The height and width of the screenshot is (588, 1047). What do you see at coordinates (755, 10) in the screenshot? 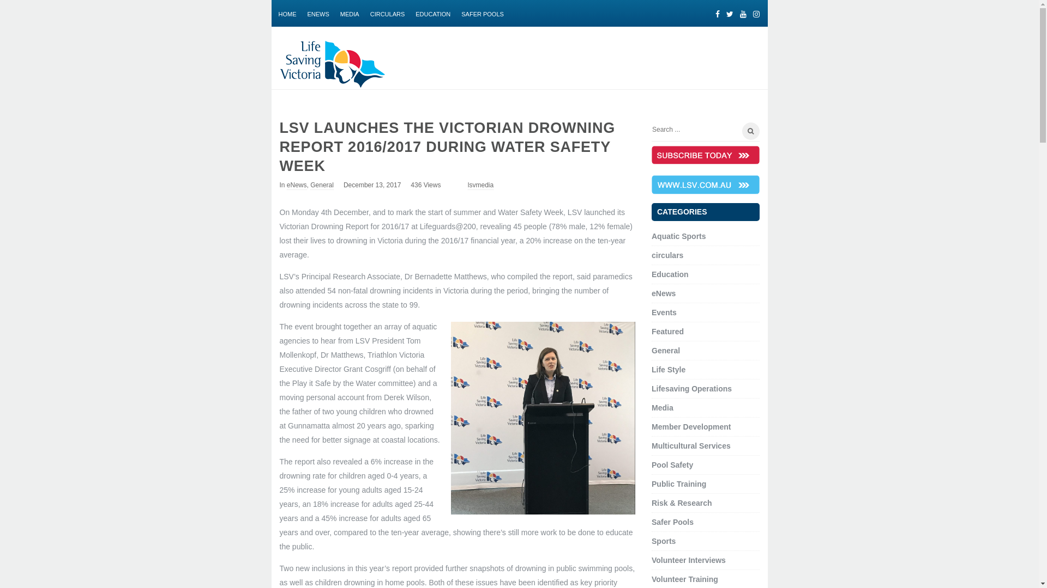
I see `'Instagram'` at bounding box center [755, 10].